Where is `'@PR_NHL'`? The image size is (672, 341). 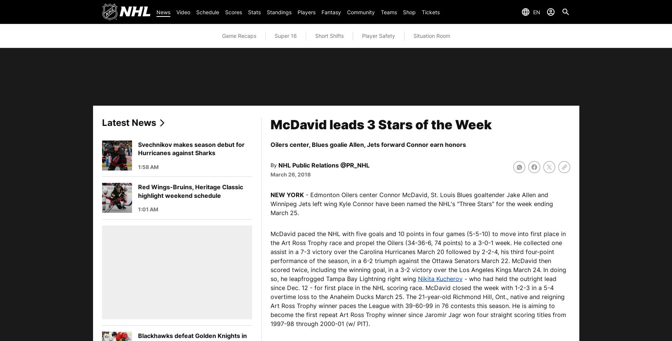
'@PR_NHL' is located at coordinates (354, 165).